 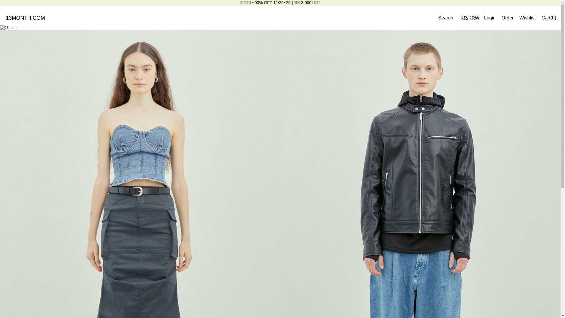 I want to click on 'Order', so click(x=507, y=17).